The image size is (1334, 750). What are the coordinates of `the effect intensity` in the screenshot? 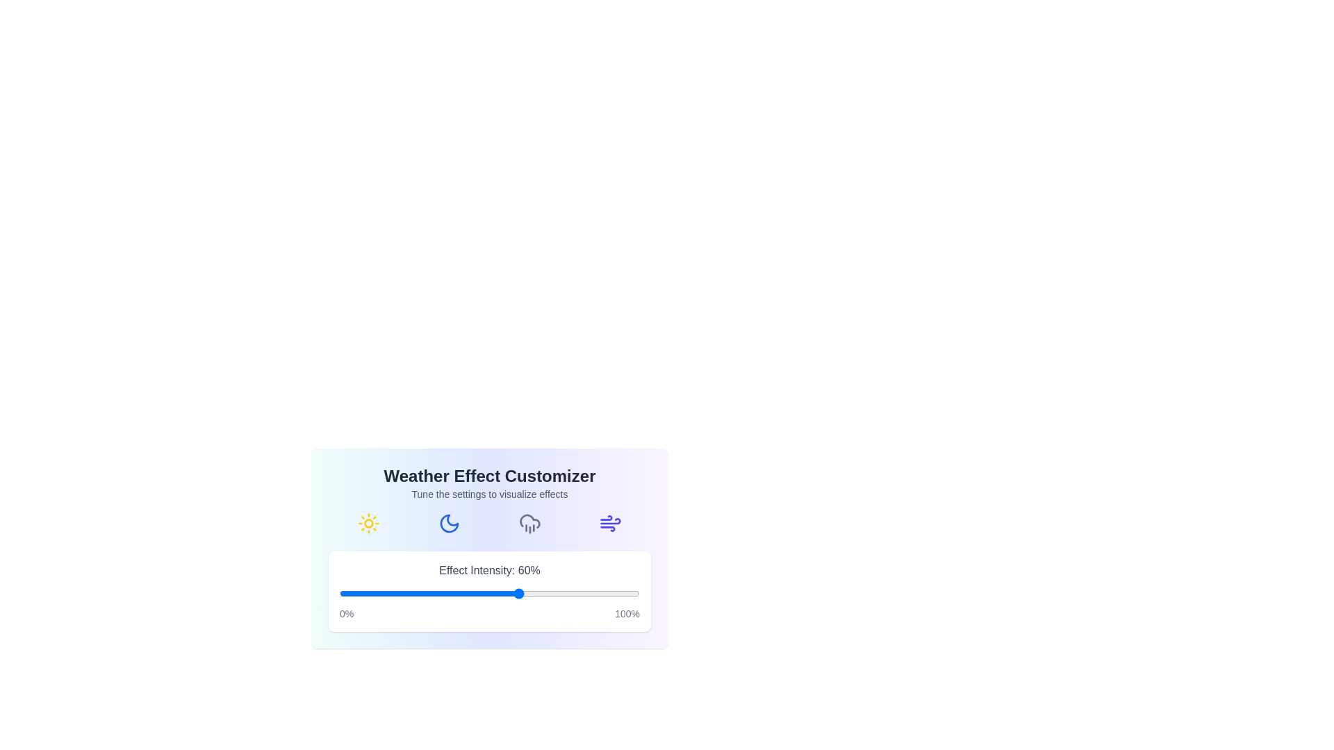 It's located at (447, 594).